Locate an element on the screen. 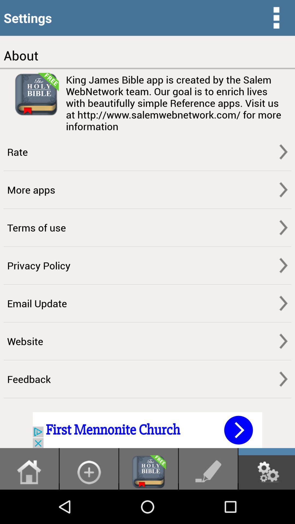 This screenshot has width=295, height=524. the more icon is located at coordinates (276, 19).